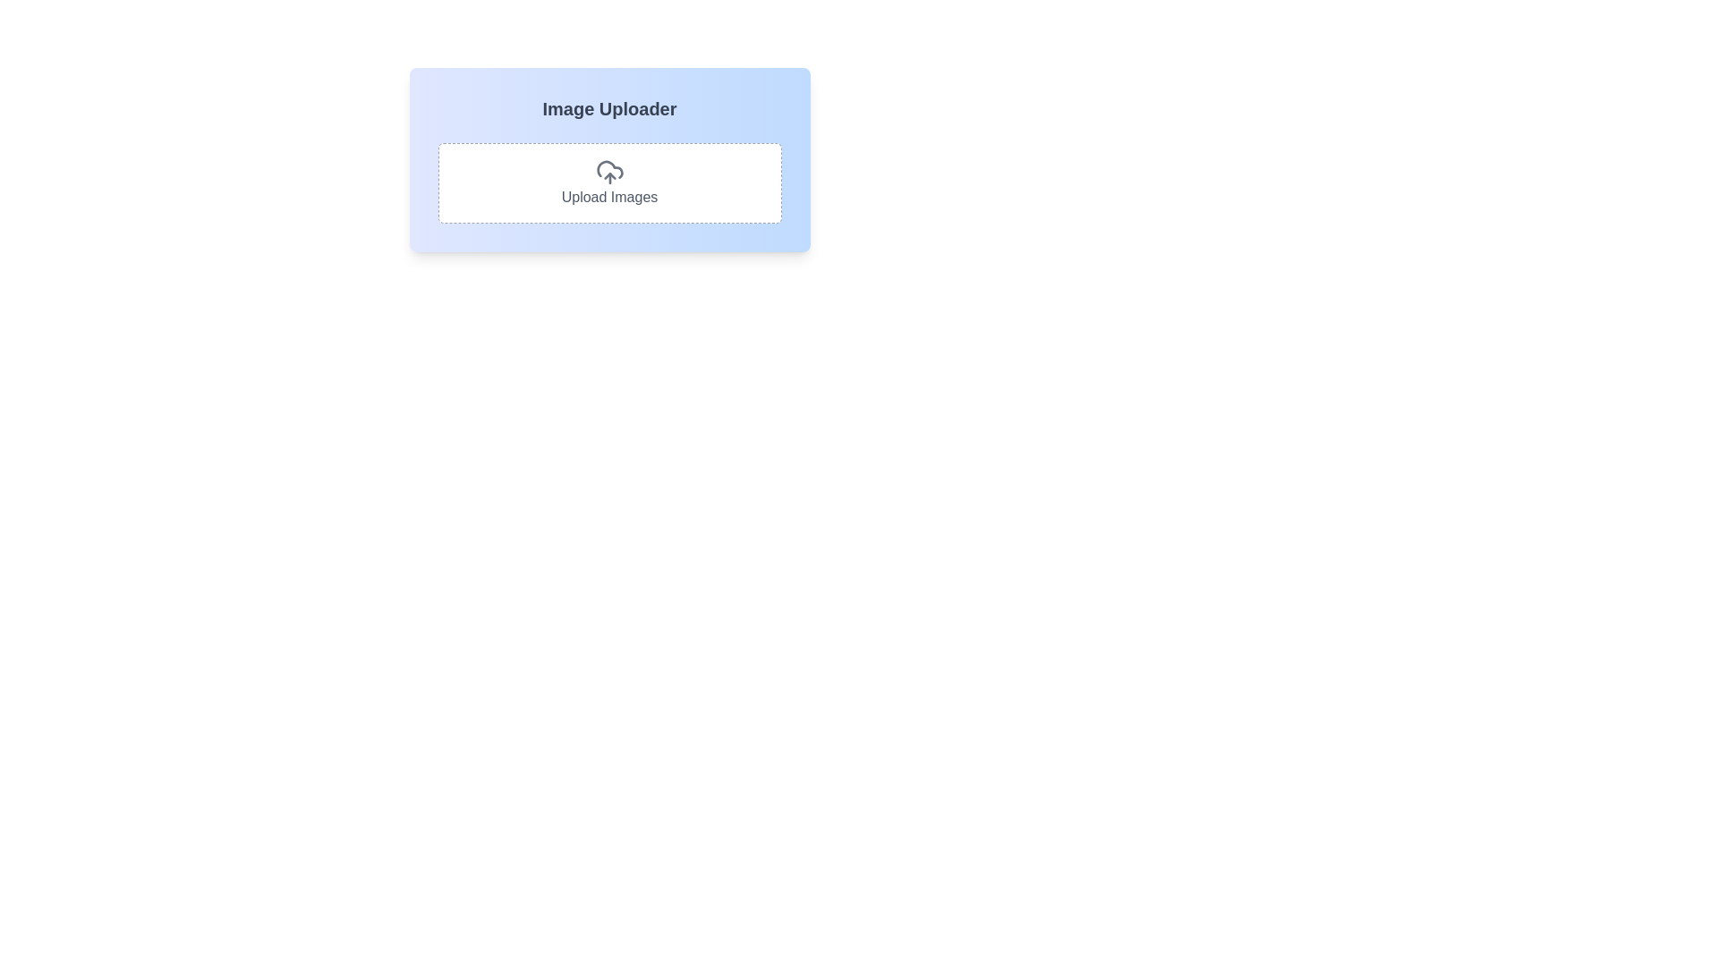 The width and height of the screenshot is (1718, 966). Describe the element at coordinates (609, 197) in the screenshot. I see `the text label displaying 'Upload Images' located below the cloud upload icon in the upload images frame` at that location.